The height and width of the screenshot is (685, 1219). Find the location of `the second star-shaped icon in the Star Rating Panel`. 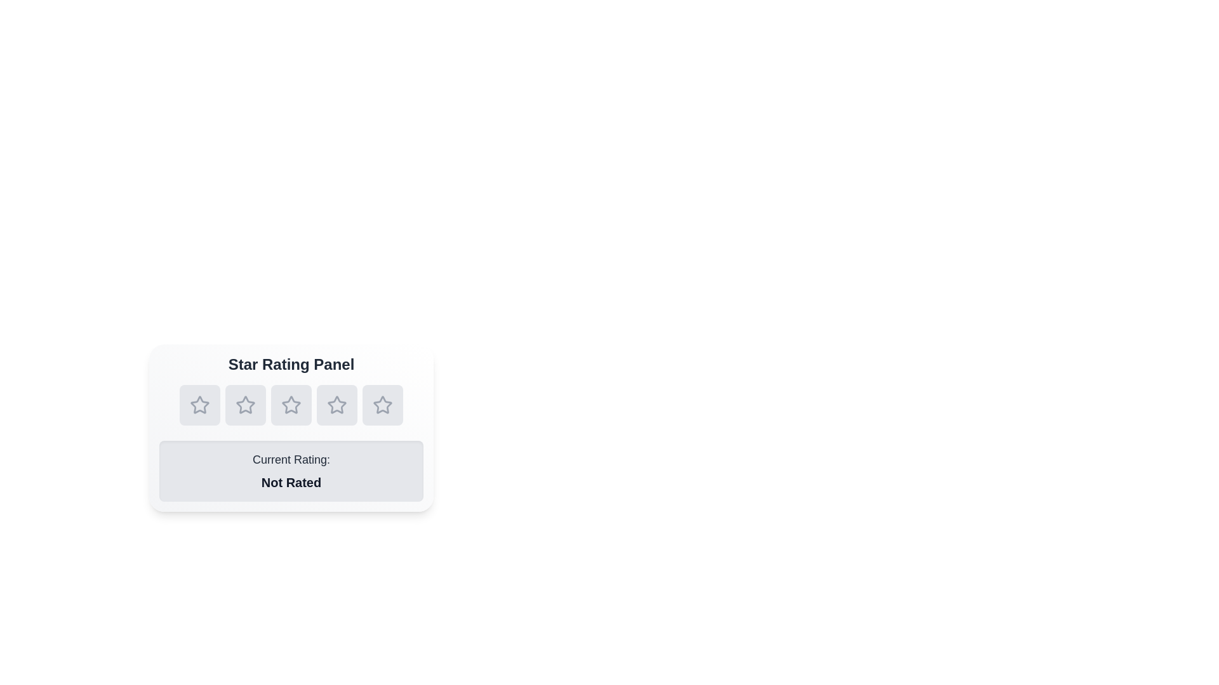

the second star-shaped icon in the Star Rating Panel is located at coordinates (246, 405).